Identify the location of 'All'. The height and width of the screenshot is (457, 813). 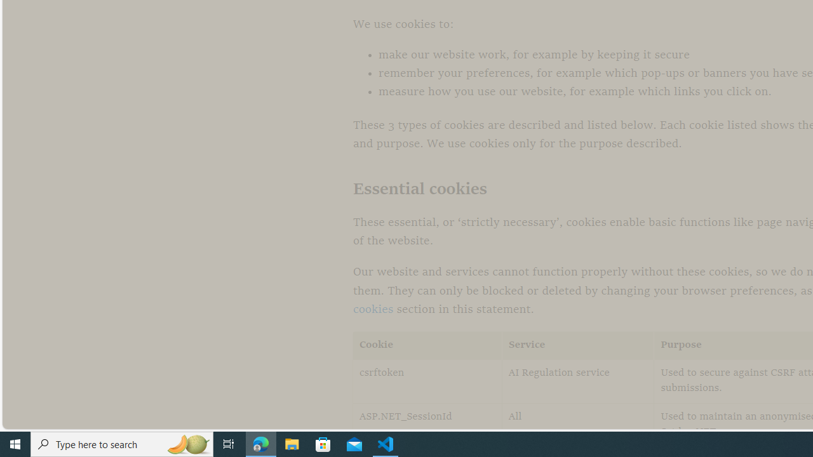
(577, 425).